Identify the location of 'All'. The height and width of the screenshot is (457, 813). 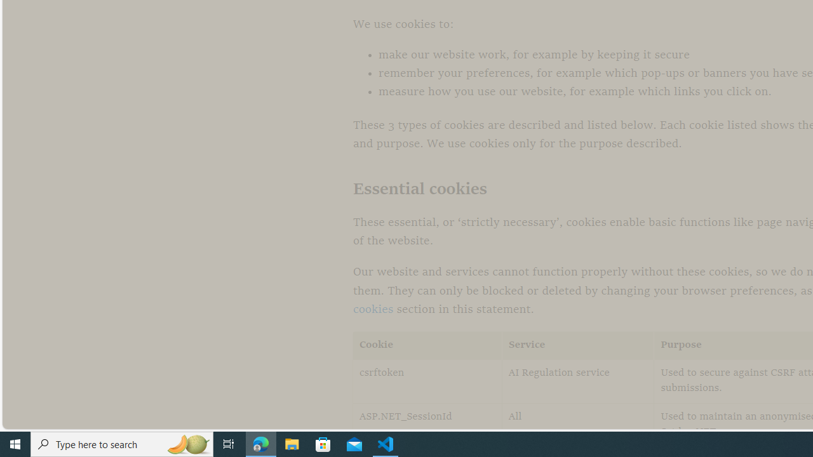
(577, 425).